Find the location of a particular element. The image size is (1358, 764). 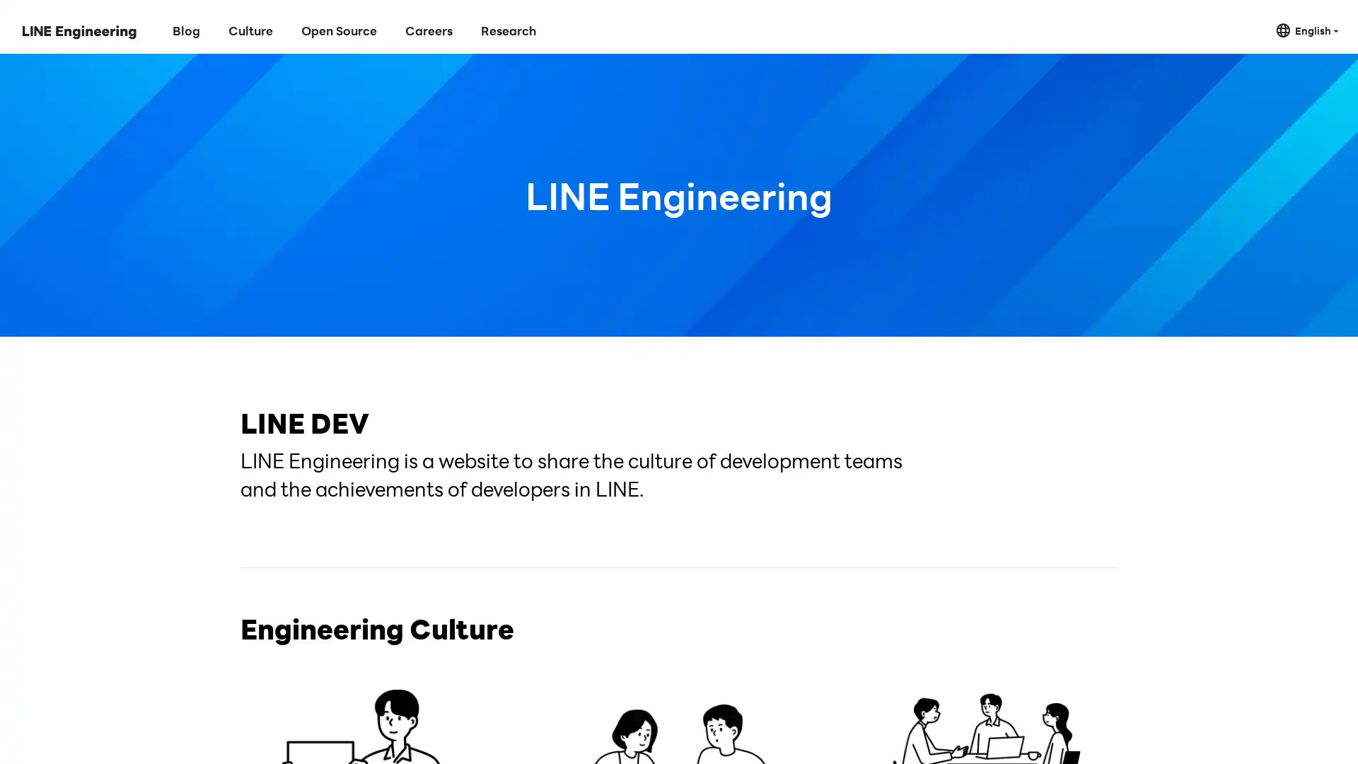

English is located at coordinates (1306, 30).